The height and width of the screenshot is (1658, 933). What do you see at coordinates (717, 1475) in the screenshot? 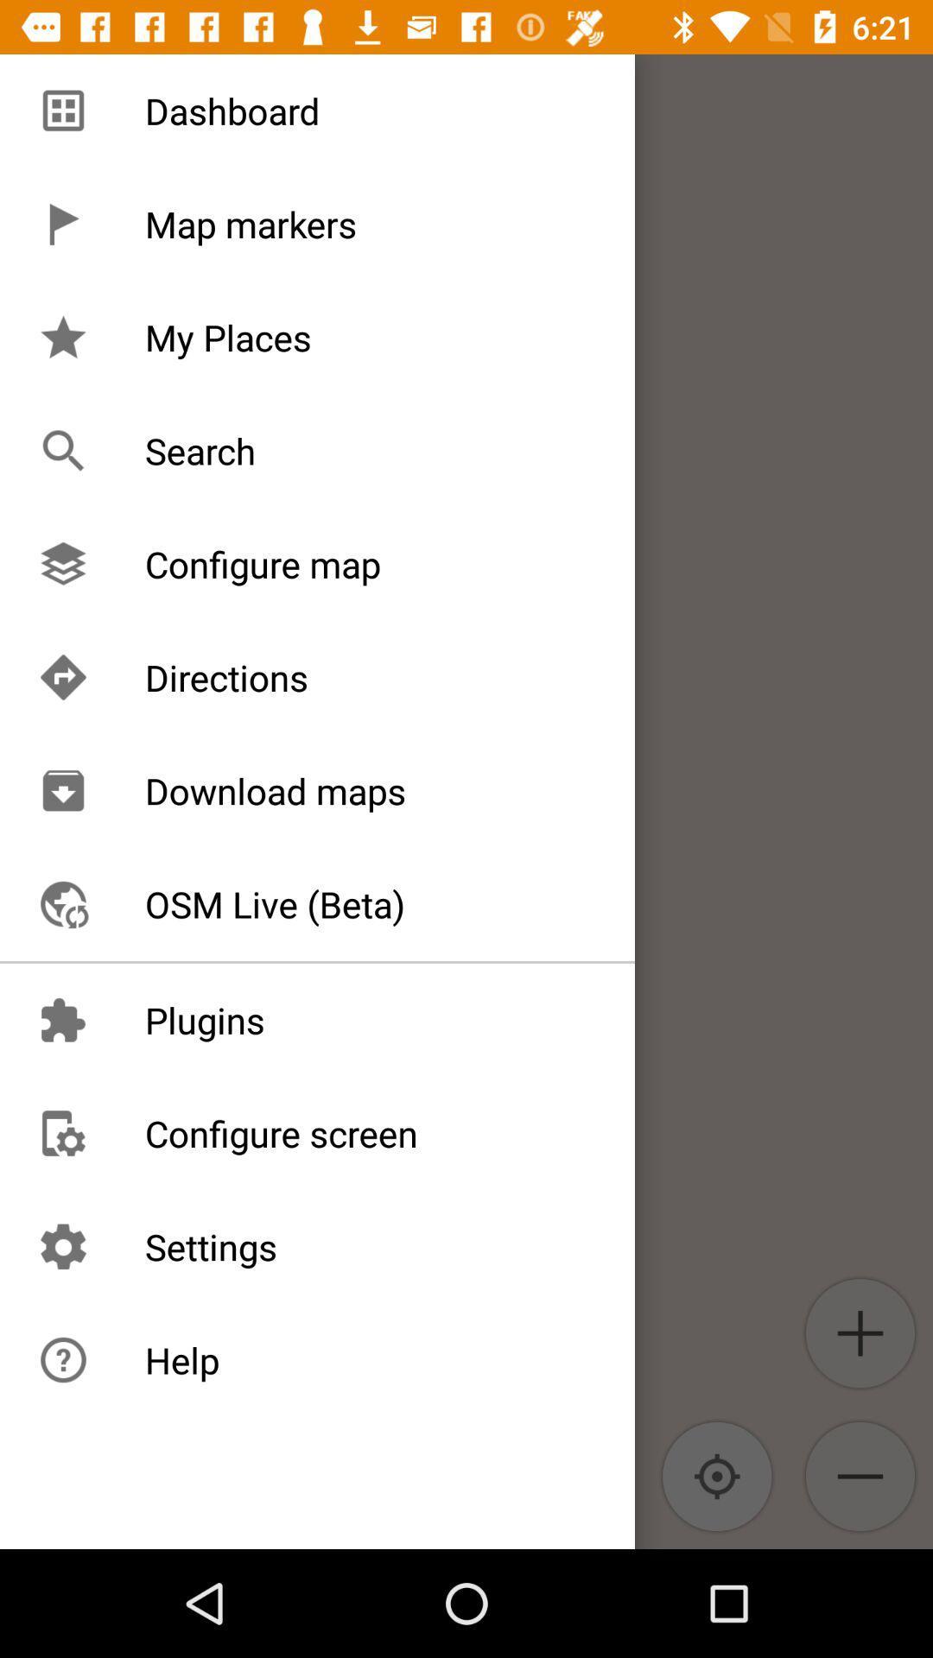
I see `the location_crosshair icon` at bounding box center [717, 1475].